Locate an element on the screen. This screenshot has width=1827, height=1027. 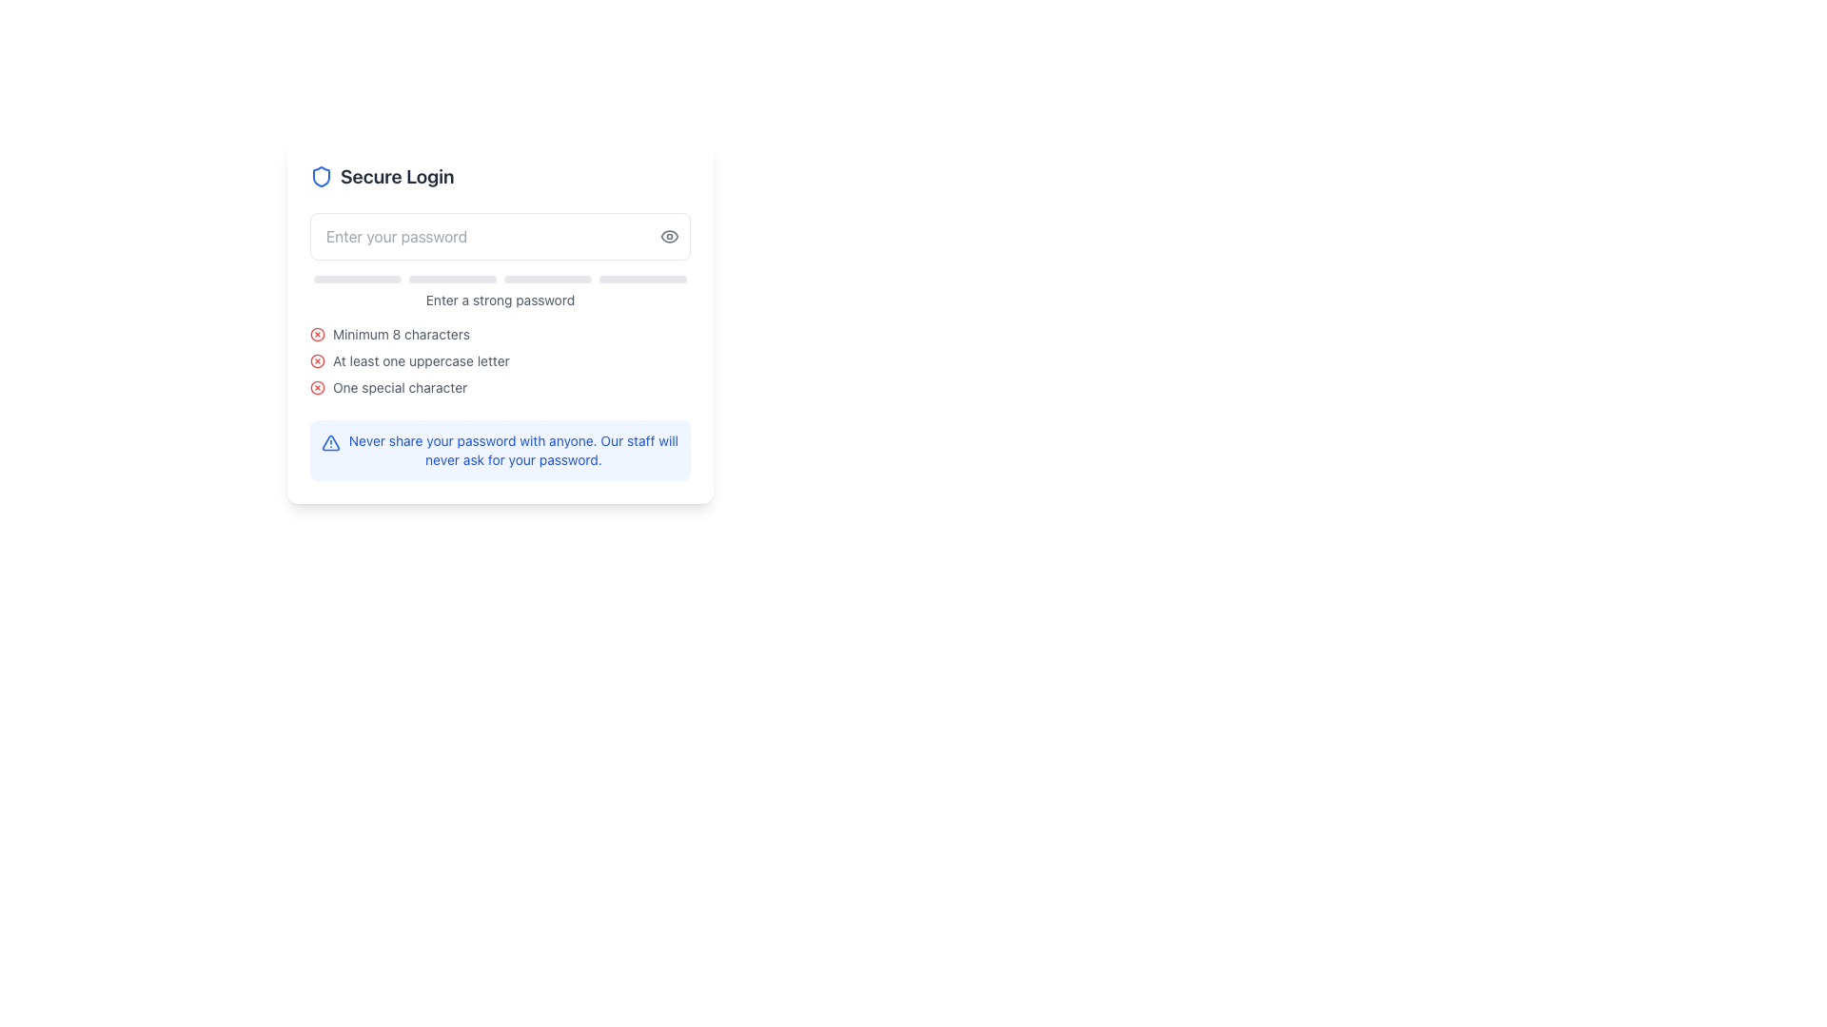
the red circular icon with a white cross symbol, which is positioned to the left of the text 'At least one uppercase letter' under the 'Enter a strong password' section is located at coordinates (318, 361).